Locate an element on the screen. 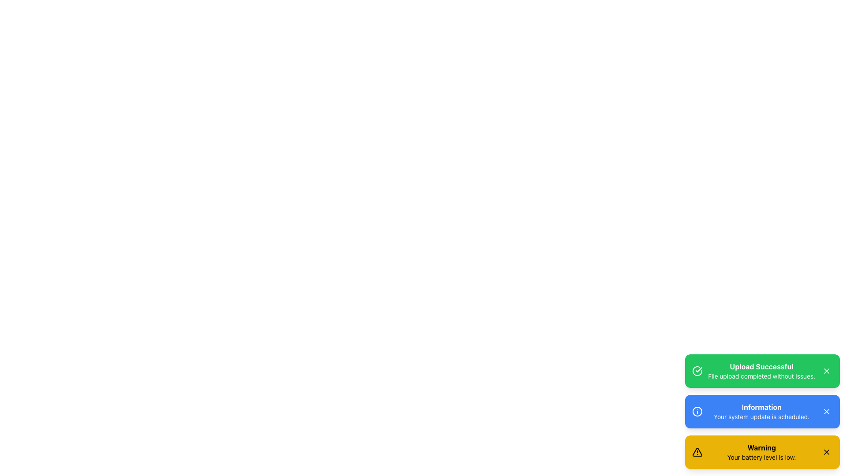 The height and width of the screenshot is (476, 847). the circular button with an 'X' icon in the top-right corner of the yellow 'Warning' notification box is located at coordinates (826, 452).